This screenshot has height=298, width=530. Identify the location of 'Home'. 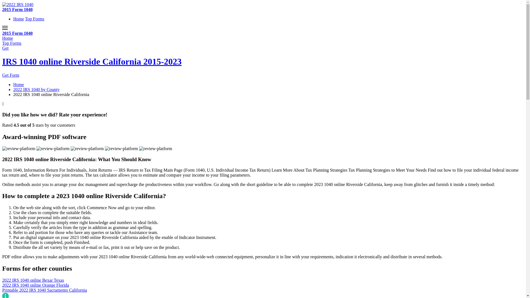
(13, 18).